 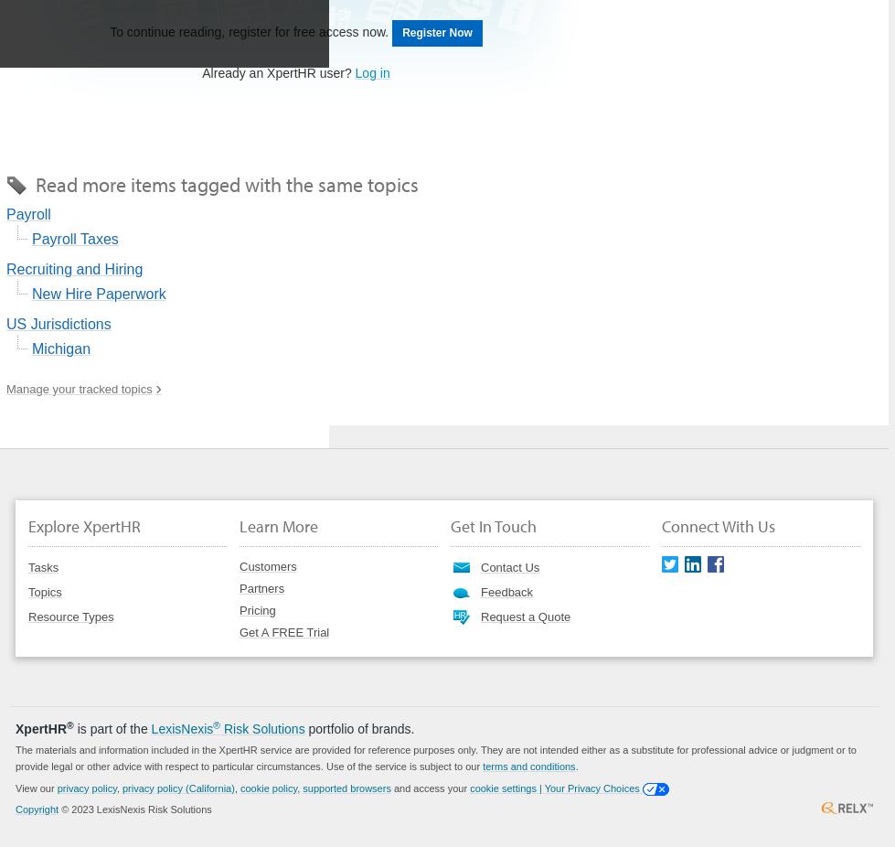 What do you see at coordinates (268, 787) in the screenshot?
I see `'cookie policy'` at bounding box center [268, 787].